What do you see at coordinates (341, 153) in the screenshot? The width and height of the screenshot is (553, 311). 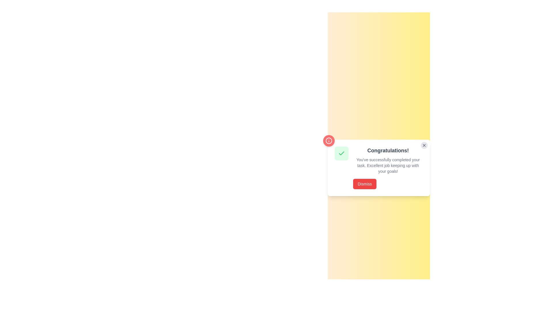 I see `the state of the green checkmark icon within the light green circular background, located at the top-left corner of the notification card, above the title text 'Congratulations!'` at bounding box center [341, 153].